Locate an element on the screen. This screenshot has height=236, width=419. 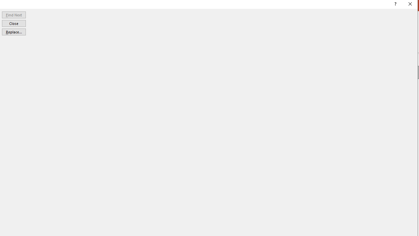
'Find Next' is located at coordinates (14, 15).